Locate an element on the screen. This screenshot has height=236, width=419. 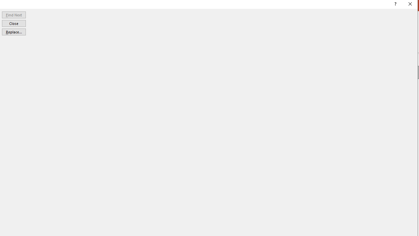
'Find Next' is located at coordinates (14, 15).